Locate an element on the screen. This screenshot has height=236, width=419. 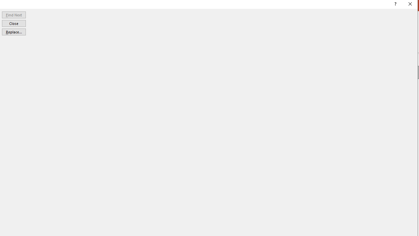
'Find Next' is located at coordinates (14, 15).